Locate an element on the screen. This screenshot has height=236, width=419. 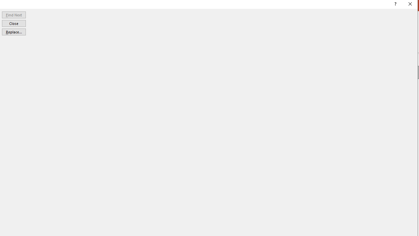
'Find Next' is located at coordinates (14, 15).